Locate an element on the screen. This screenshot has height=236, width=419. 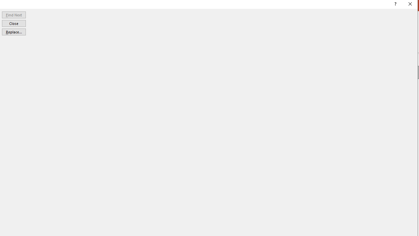
'Find Next' is located at coordinates (14, 15).